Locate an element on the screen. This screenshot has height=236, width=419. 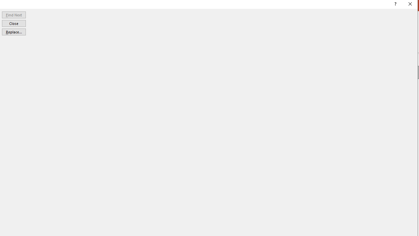
'Find Next' is located at coordinates (14, 15).